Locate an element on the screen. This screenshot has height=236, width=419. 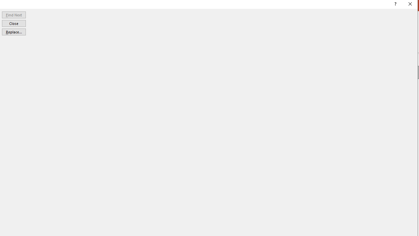
'Find Next' is located at coordinates (14, 15).